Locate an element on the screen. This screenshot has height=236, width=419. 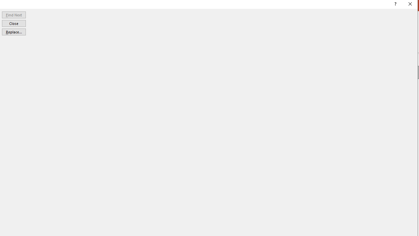
'Find Next' is located at coordinates (14, 15).